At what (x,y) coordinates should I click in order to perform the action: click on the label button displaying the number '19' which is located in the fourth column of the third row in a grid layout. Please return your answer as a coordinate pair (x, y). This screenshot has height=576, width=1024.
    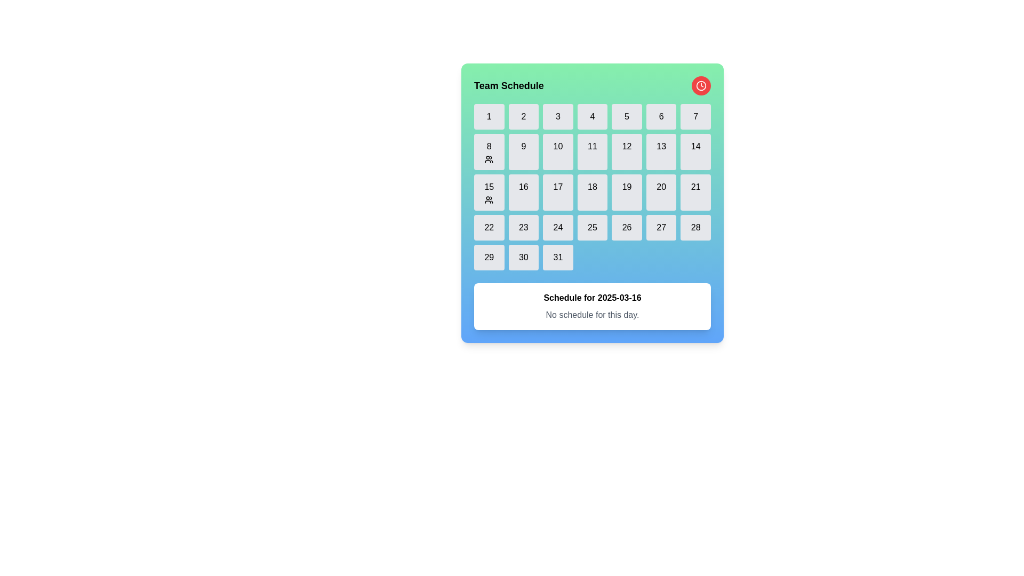
    Looking at the image, I should click on (627, 193).